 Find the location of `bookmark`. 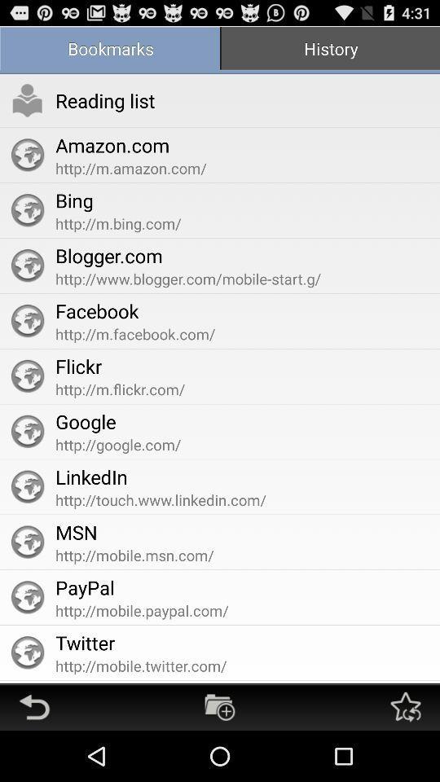

bookmark is located at coordinates (220, 706).